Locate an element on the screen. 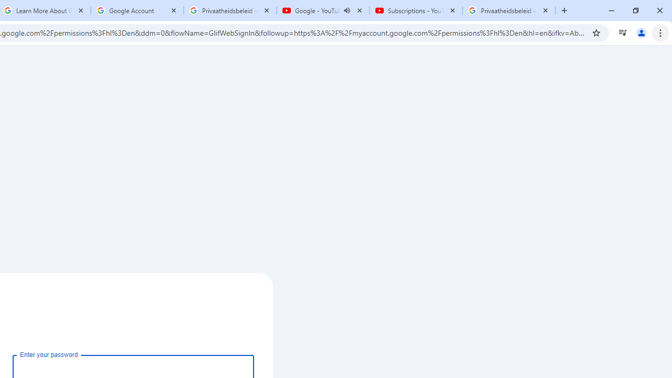  'Google - YouTube - Audio playing' is located at coordinates (322, 10).